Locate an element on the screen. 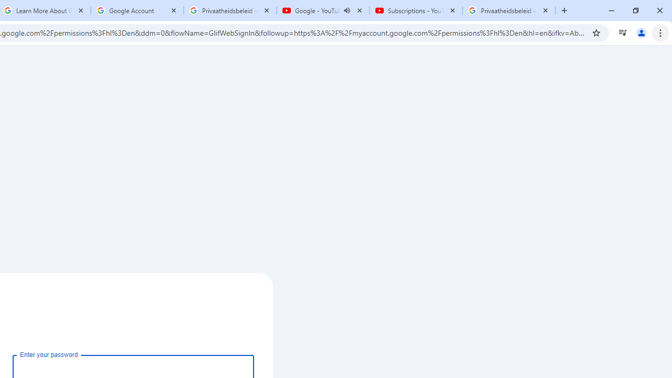  'Google - YouTube - Audio playing' is located at coordinates (322, 10).